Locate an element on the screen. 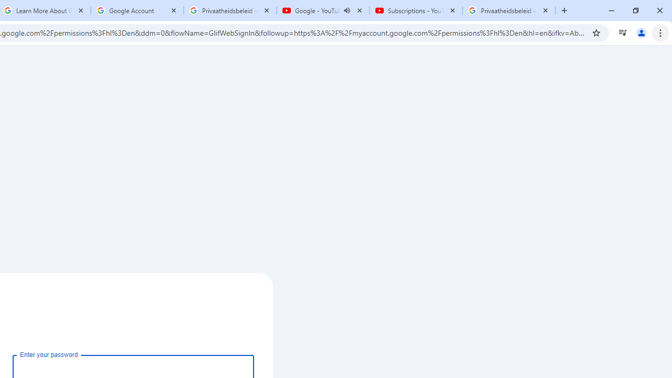  'Google - YouTube - Audio playing' is located at coordinates (322, 10).